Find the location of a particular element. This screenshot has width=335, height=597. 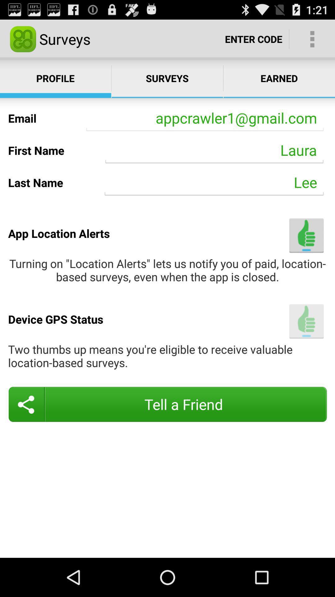

the enter code item is located at coordinates (253, 39).